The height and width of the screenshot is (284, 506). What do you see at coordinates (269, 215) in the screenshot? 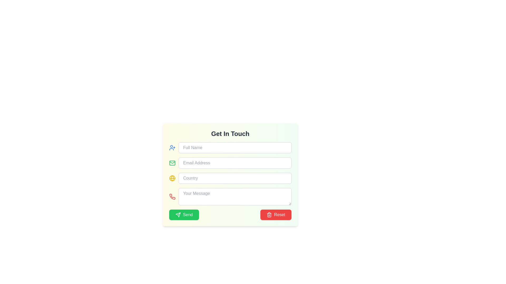
I see `the SVG icon resembling a trash can within the 'Reset' button, which has a red background and is positioned to the right of the green 'Send' button` at bounding box center [269, 215].